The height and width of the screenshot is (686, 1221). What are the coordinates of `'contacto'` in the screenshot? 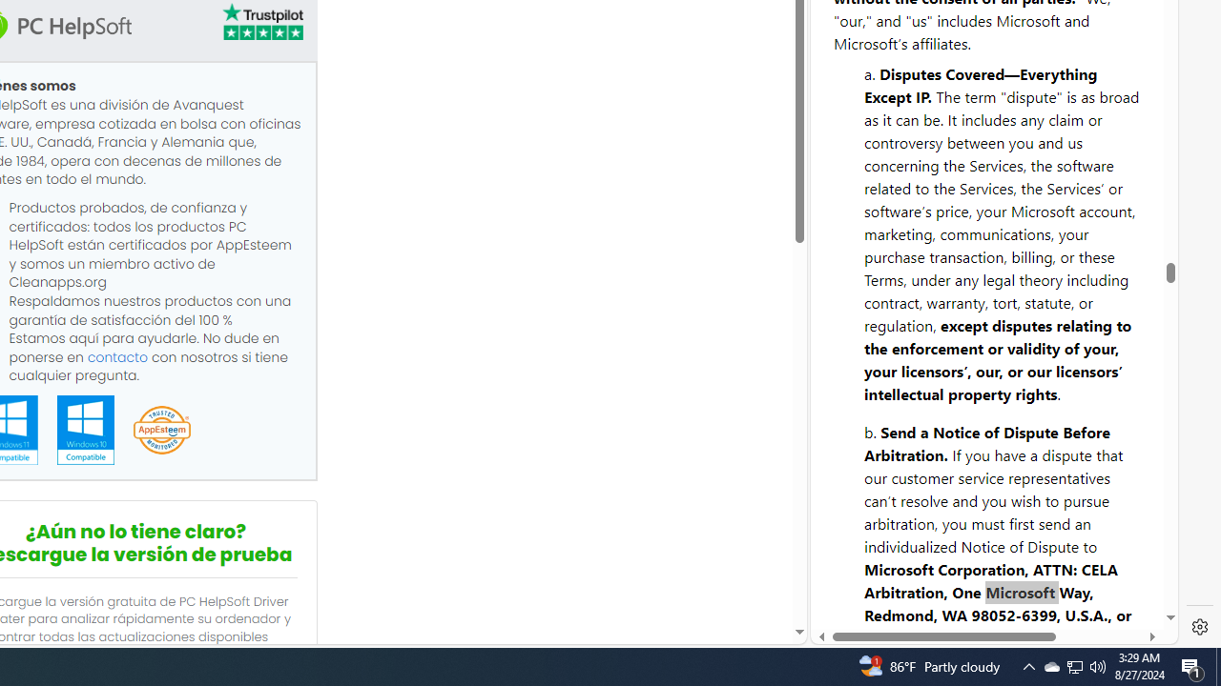 It's located at (116, 356).